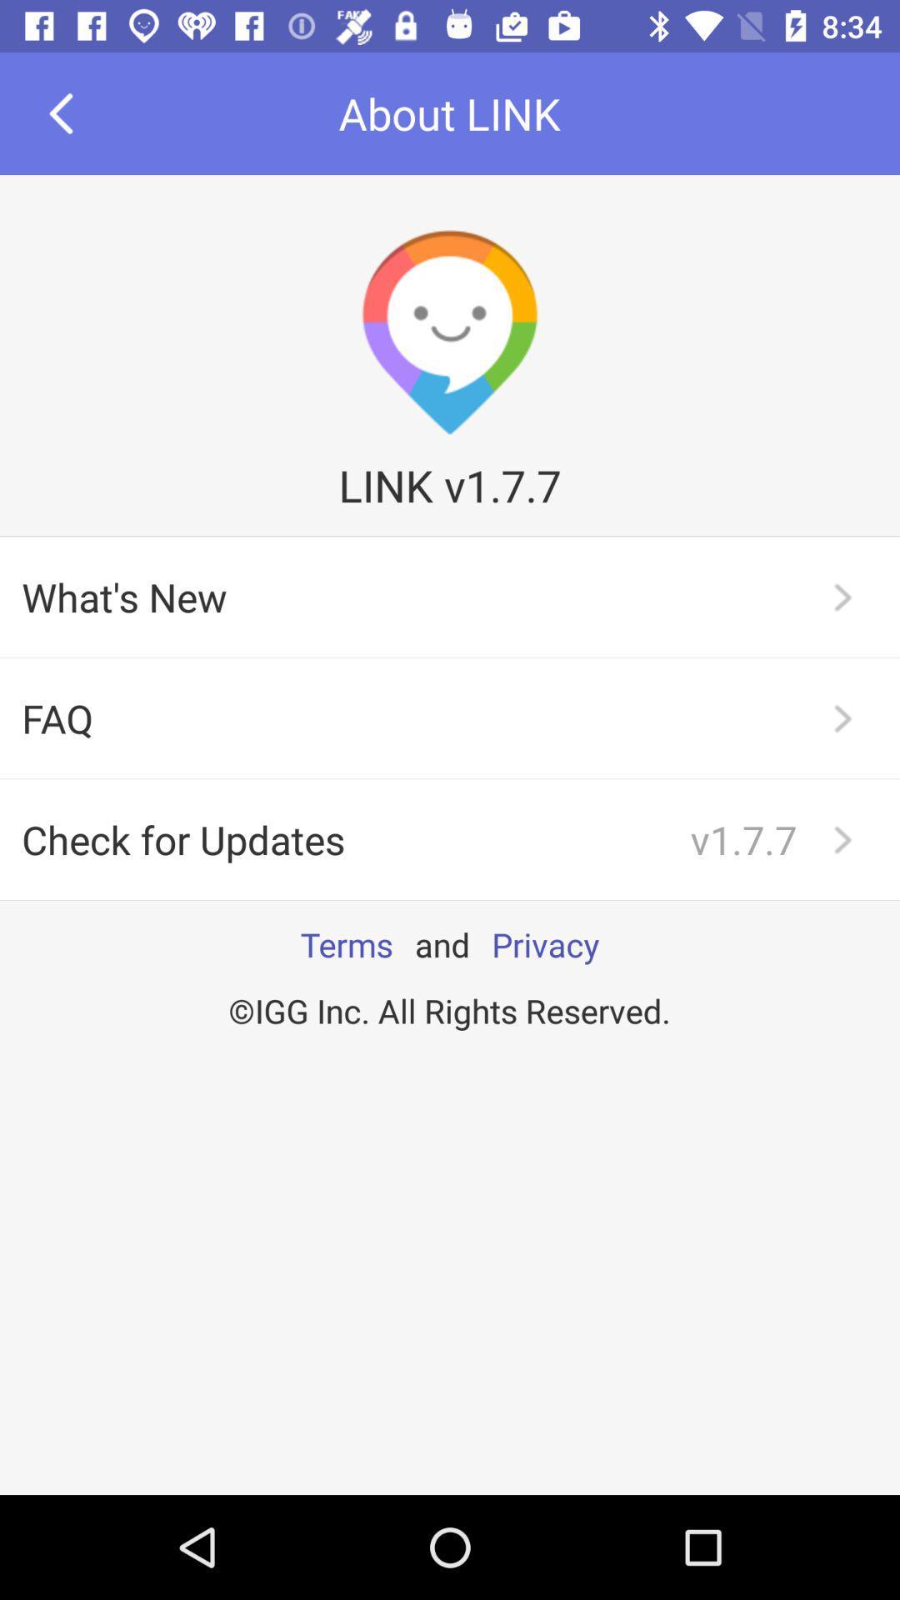  What do you see at coordinates (545, 944) in the screenshot?
I see `the privacy icon` at bounding box center [545, 944].